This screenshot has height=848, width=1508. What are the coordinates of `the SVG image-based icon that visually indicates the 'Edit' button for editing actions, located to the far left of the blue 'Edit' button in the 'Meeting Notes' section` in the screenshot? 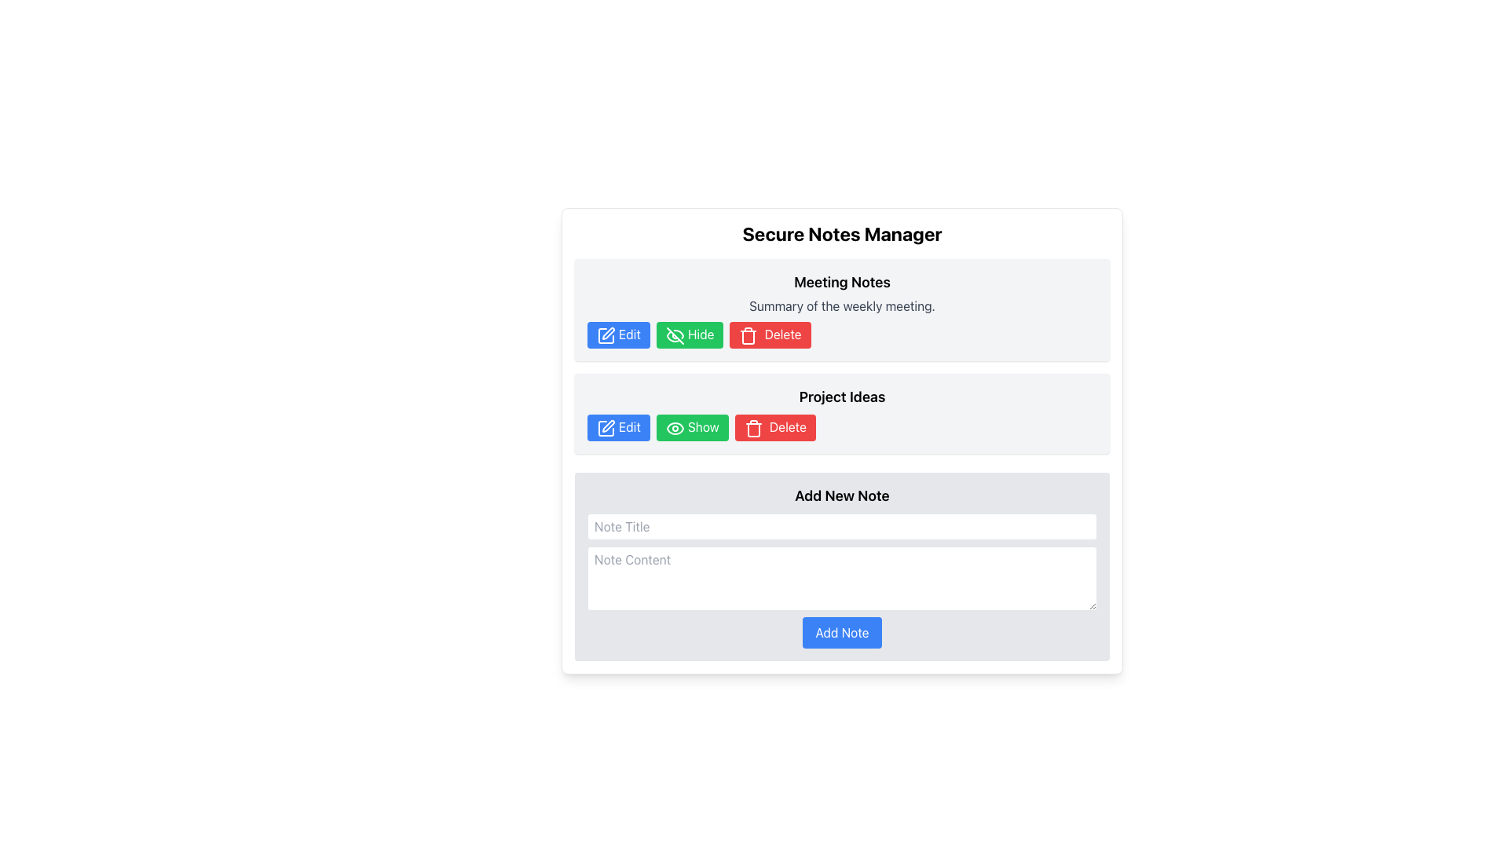 It's located at (606, 334).